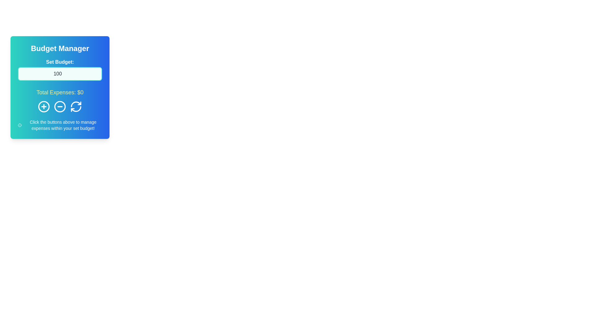 This screenshot has width=594, height=334. Describe the element at coordinates (60, 74) in the screenshot. I see `the Number Input Field located under the label 'Set Budget:' to focus on it for editing the budget amount` at that location.